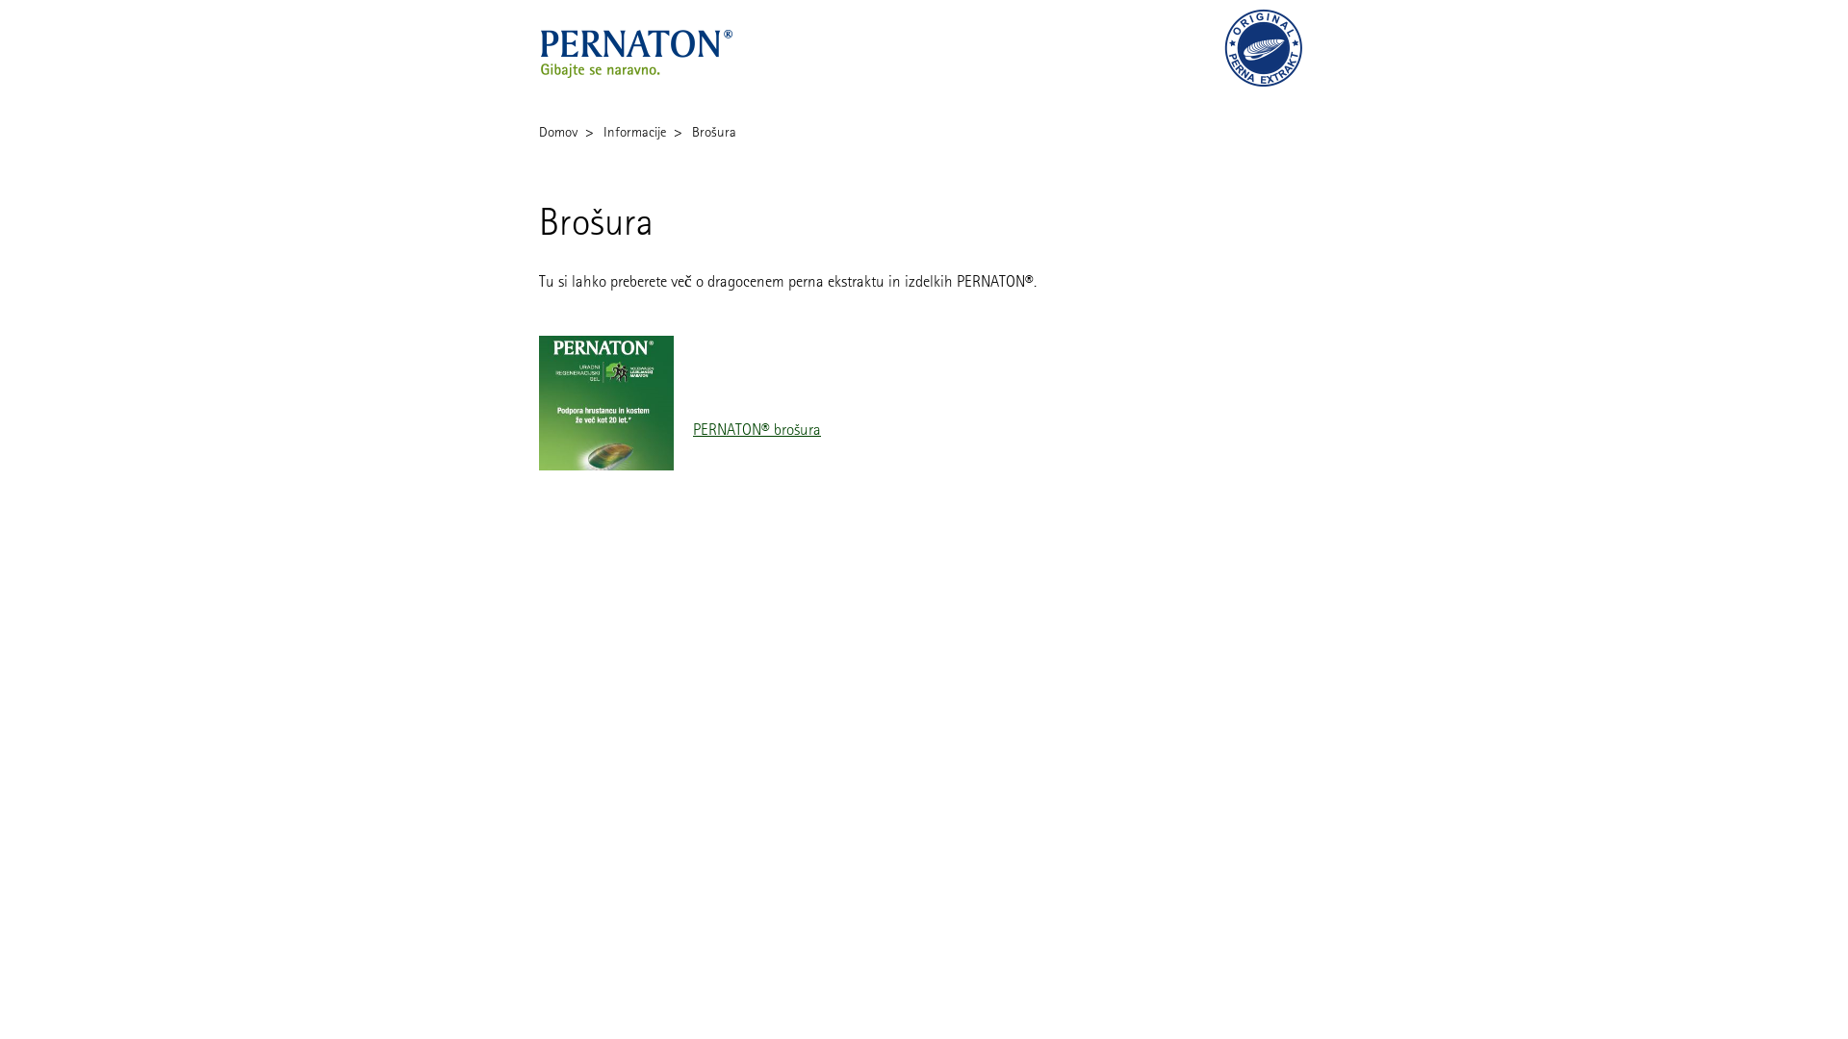  I want to click on 'Pernaton', so click(647, 47).